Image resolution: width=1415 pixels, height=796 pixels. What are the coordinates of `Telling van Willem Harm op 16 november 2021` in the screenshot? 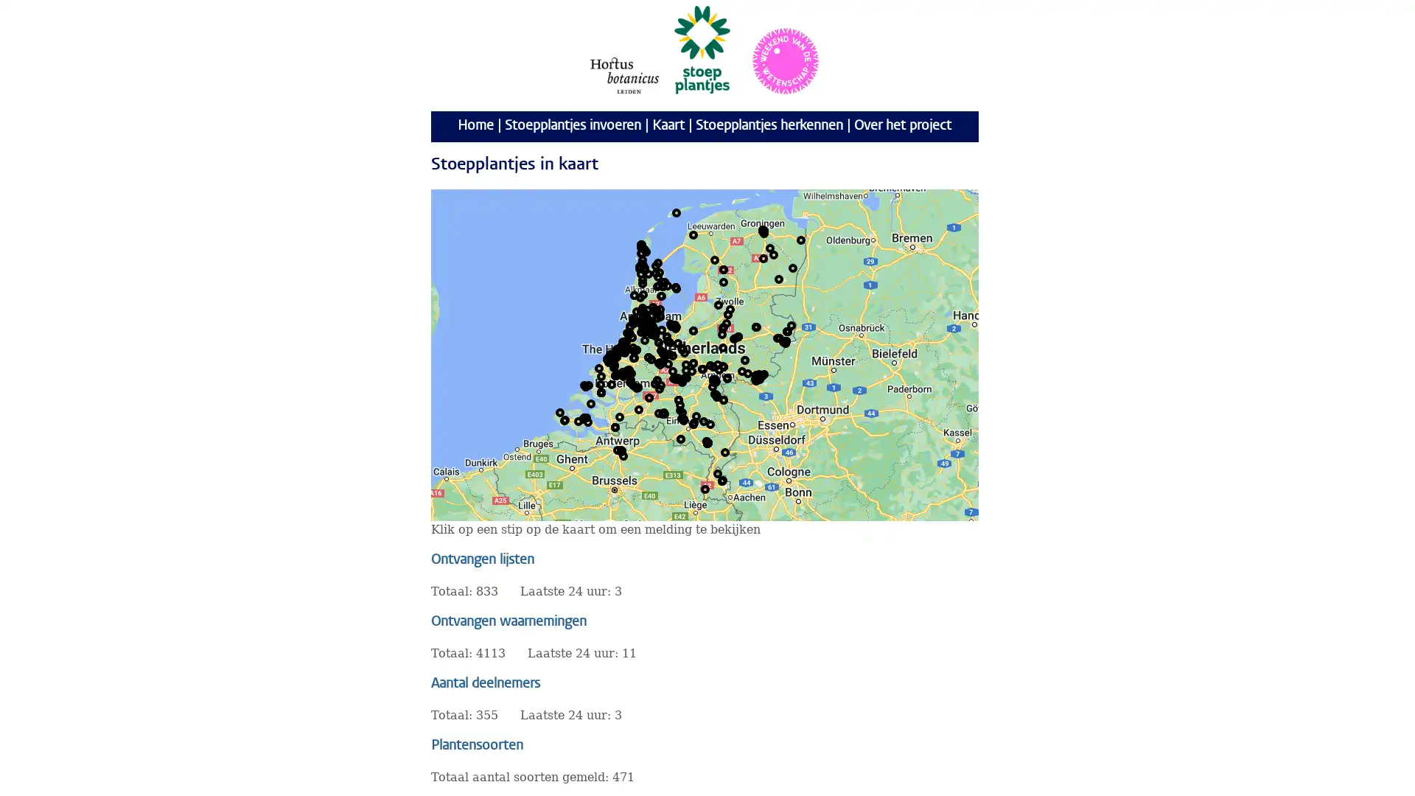 It's located at (629, 371).